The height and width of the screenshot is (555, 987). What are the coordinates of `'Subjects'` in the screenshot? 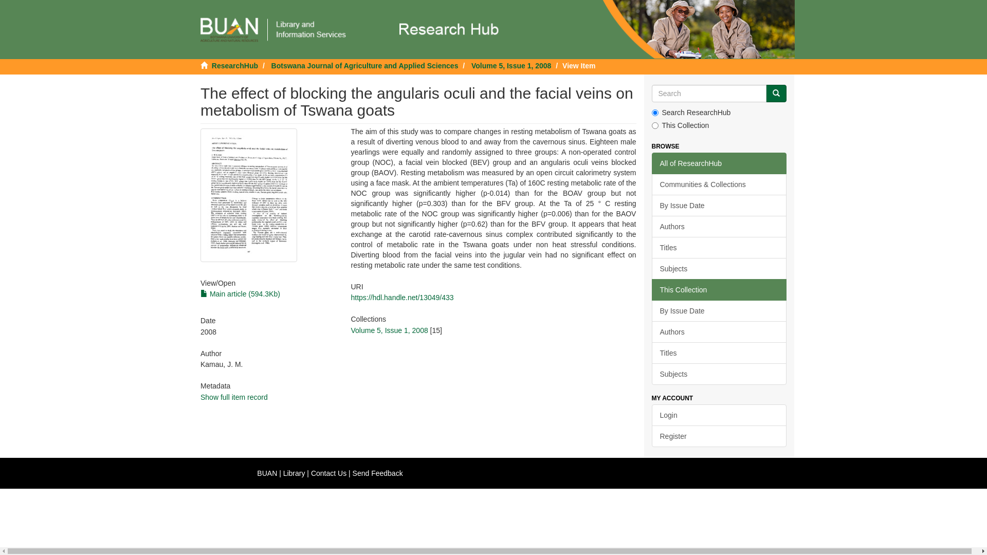 It's located at (719, 268).